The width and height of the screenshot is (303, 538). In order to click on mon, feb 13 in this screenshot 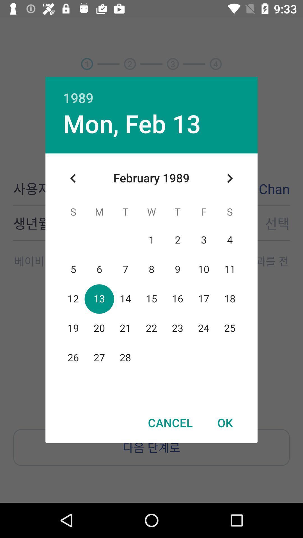, I will do `click(132, 123)`.